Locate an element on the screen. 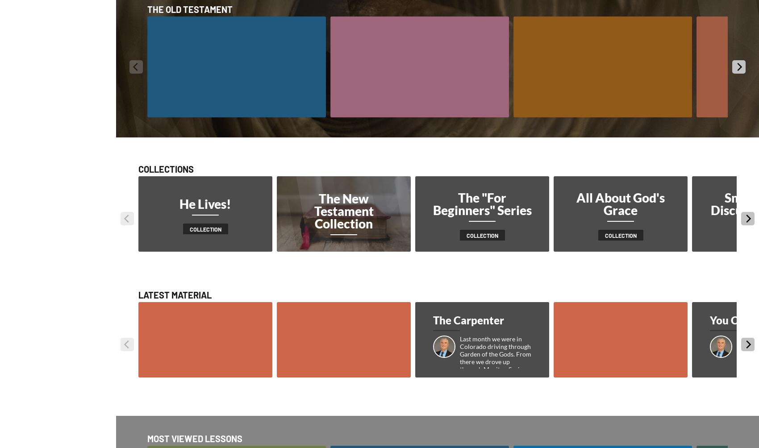 This screenshot has height=448, width=759. 'The "For Beginners" Series' is located at coordinates (482, 203).